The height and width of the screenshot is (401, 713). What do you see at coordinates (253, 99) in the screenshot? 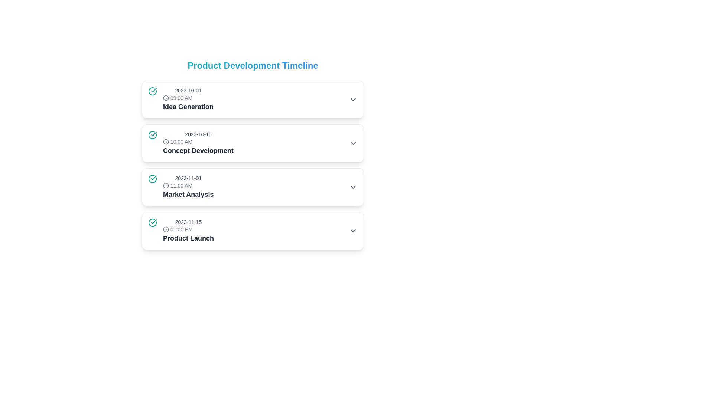
I see `on the first card in the vertical stack representing the timeline, which contains the title 'Idea Generation' and a date of '2023-10-01 09:00 AM'` at bounding box center [253, 99].